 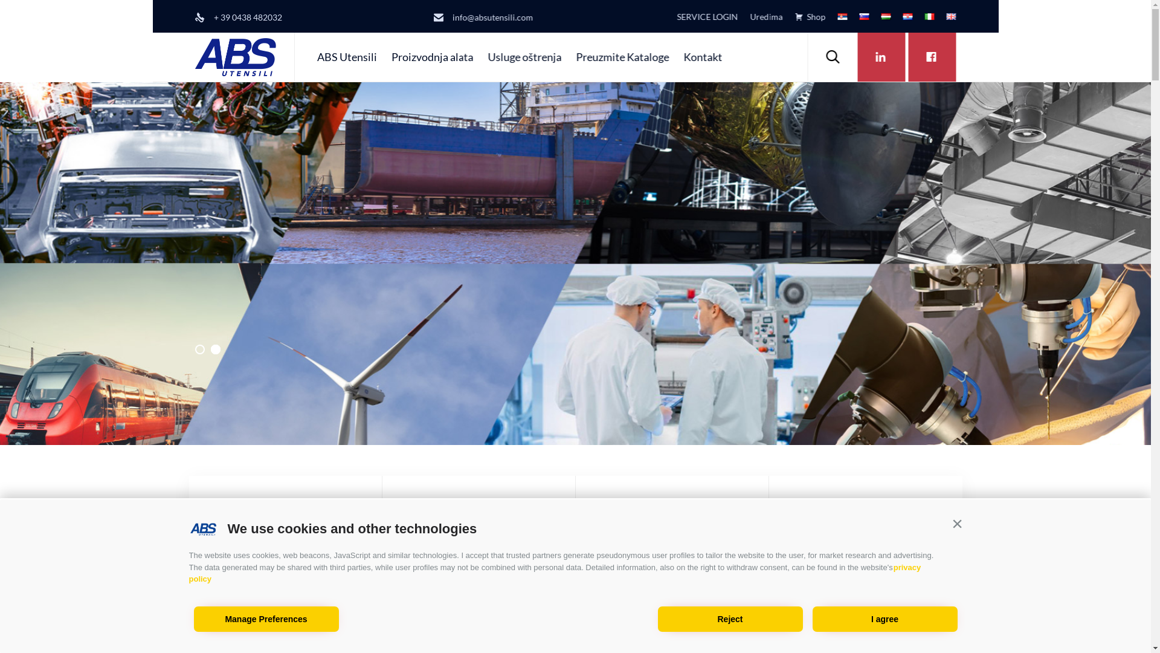 What do you see at coordinates (759, 16) in the screenshot?
I see `'Uredima'` at bounding box center [759, 16].